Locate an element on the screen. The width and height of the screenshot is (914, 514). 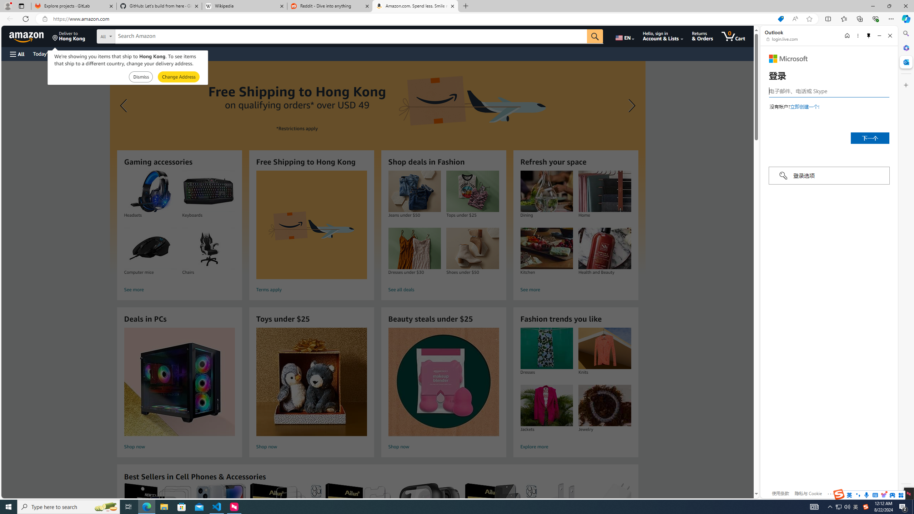
'See all deals' is located at coordinates (443, 289).